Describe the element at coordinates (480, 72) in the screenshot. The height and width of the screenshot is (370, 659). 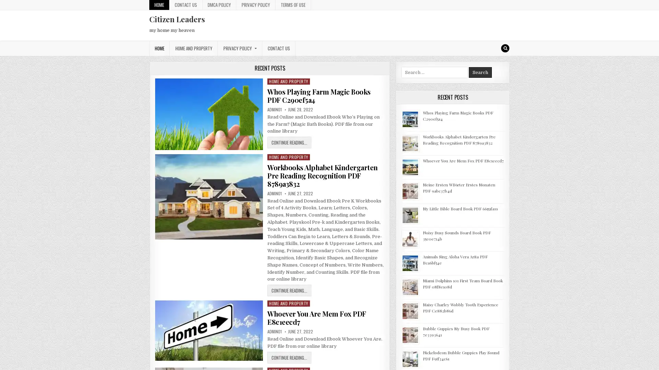
I see `Search` at that location.